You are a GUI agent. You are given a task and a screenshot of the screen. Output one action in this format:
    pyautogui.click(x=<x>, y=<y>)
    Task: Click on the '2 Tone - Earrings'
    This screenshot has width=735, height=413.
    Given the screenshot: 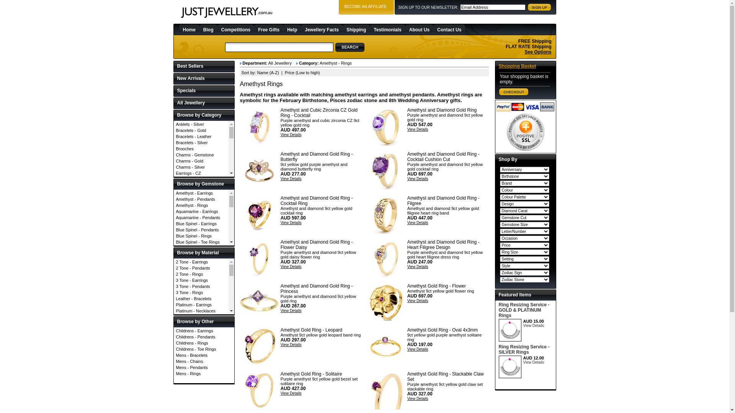 What is the action you would take?
    pyautogui.click(x=173, y=262)
    